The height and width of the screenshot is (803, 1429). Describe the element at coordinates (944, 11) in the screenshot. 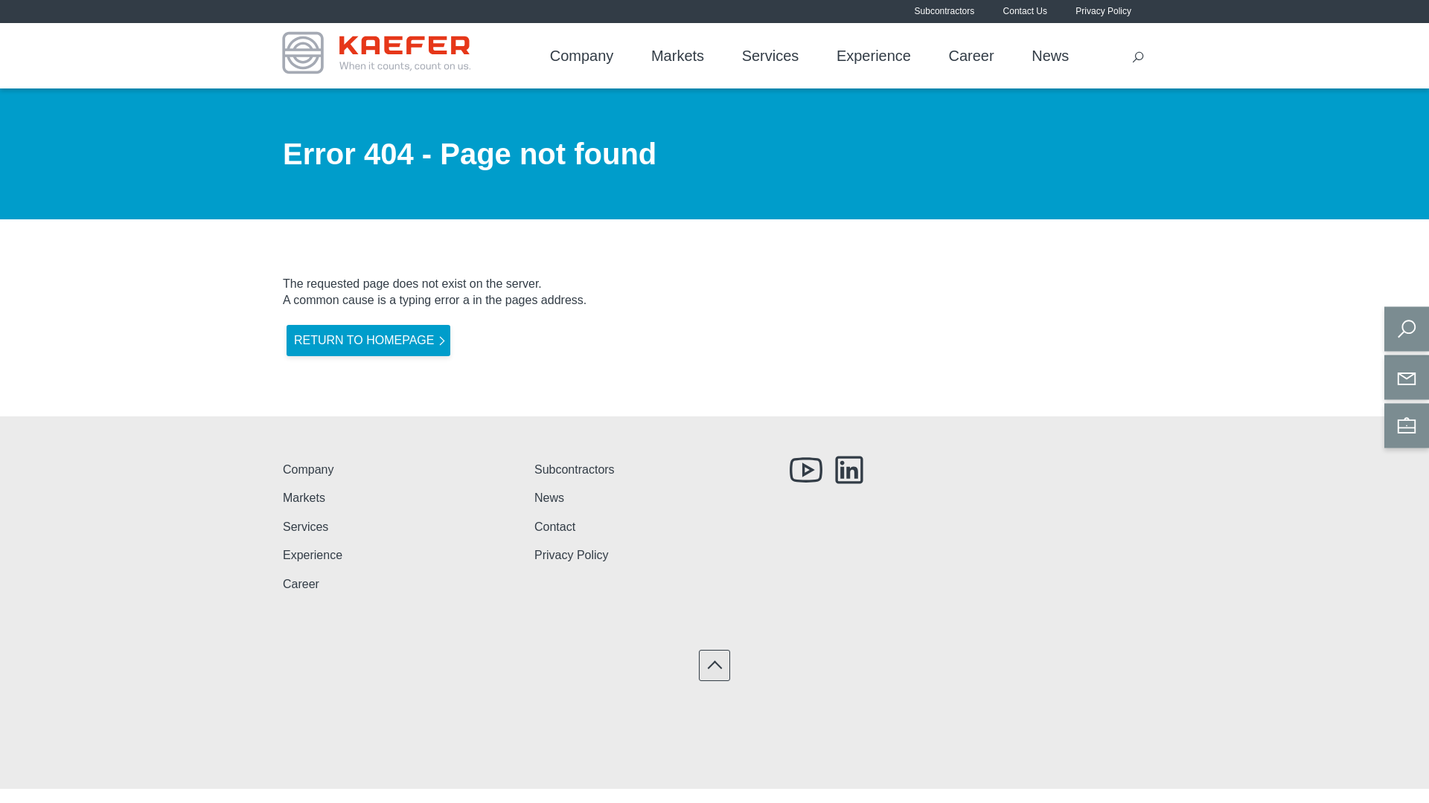

I see `'Subcontractors'` at that location.